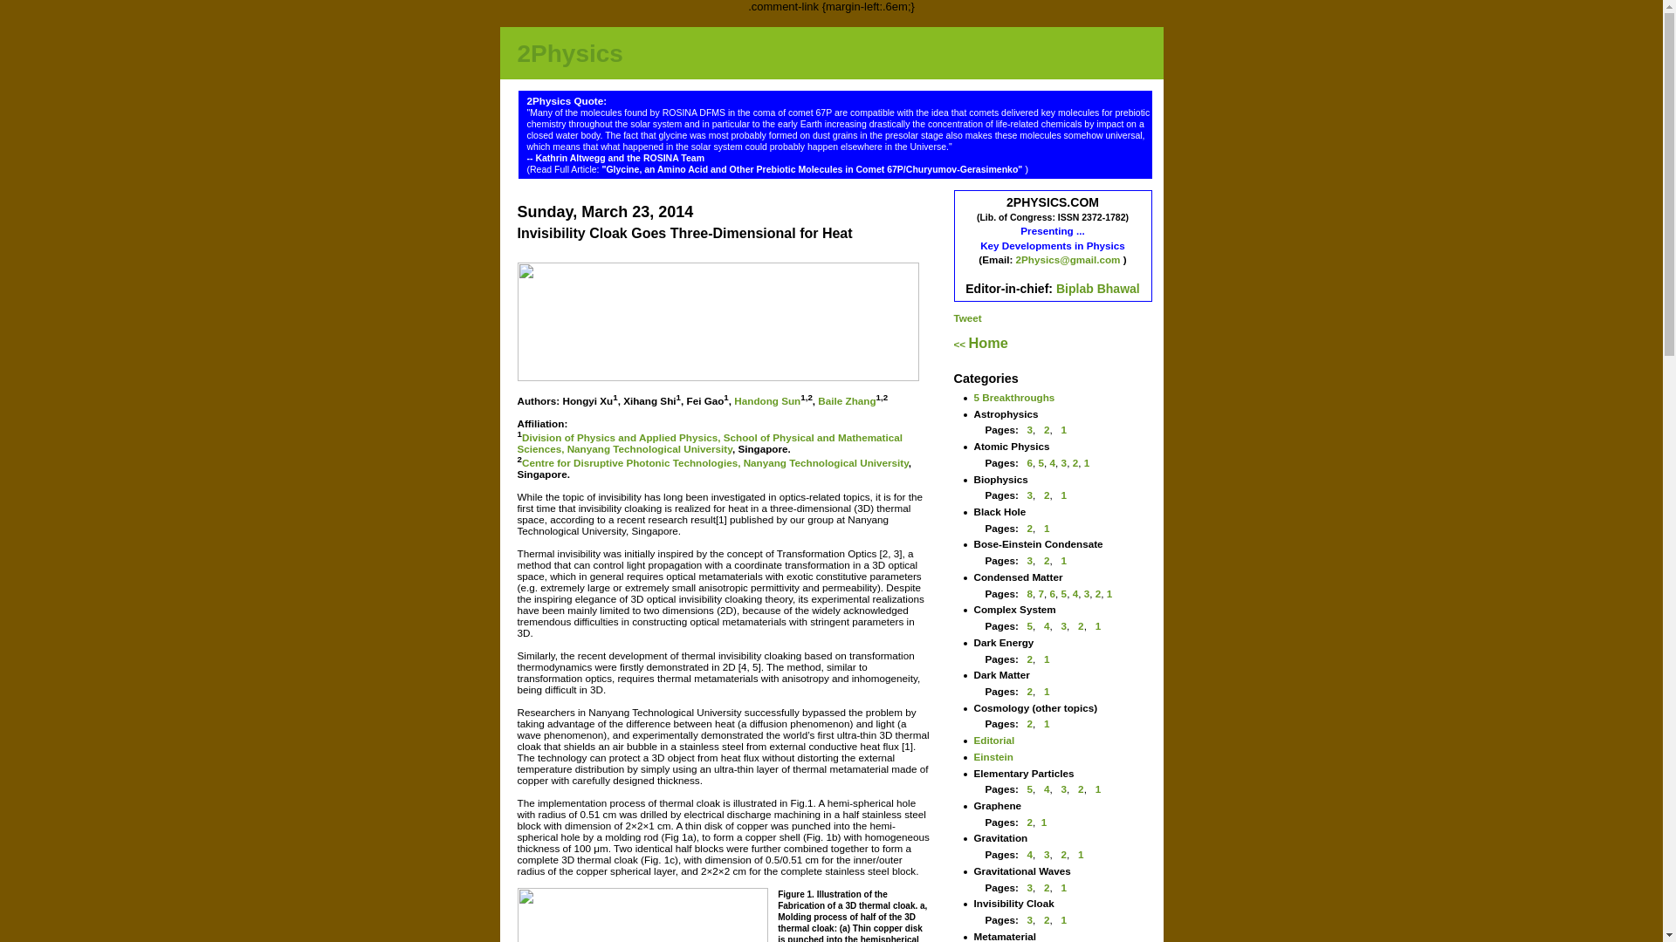  I want to click on '2', so click(1047, 429).